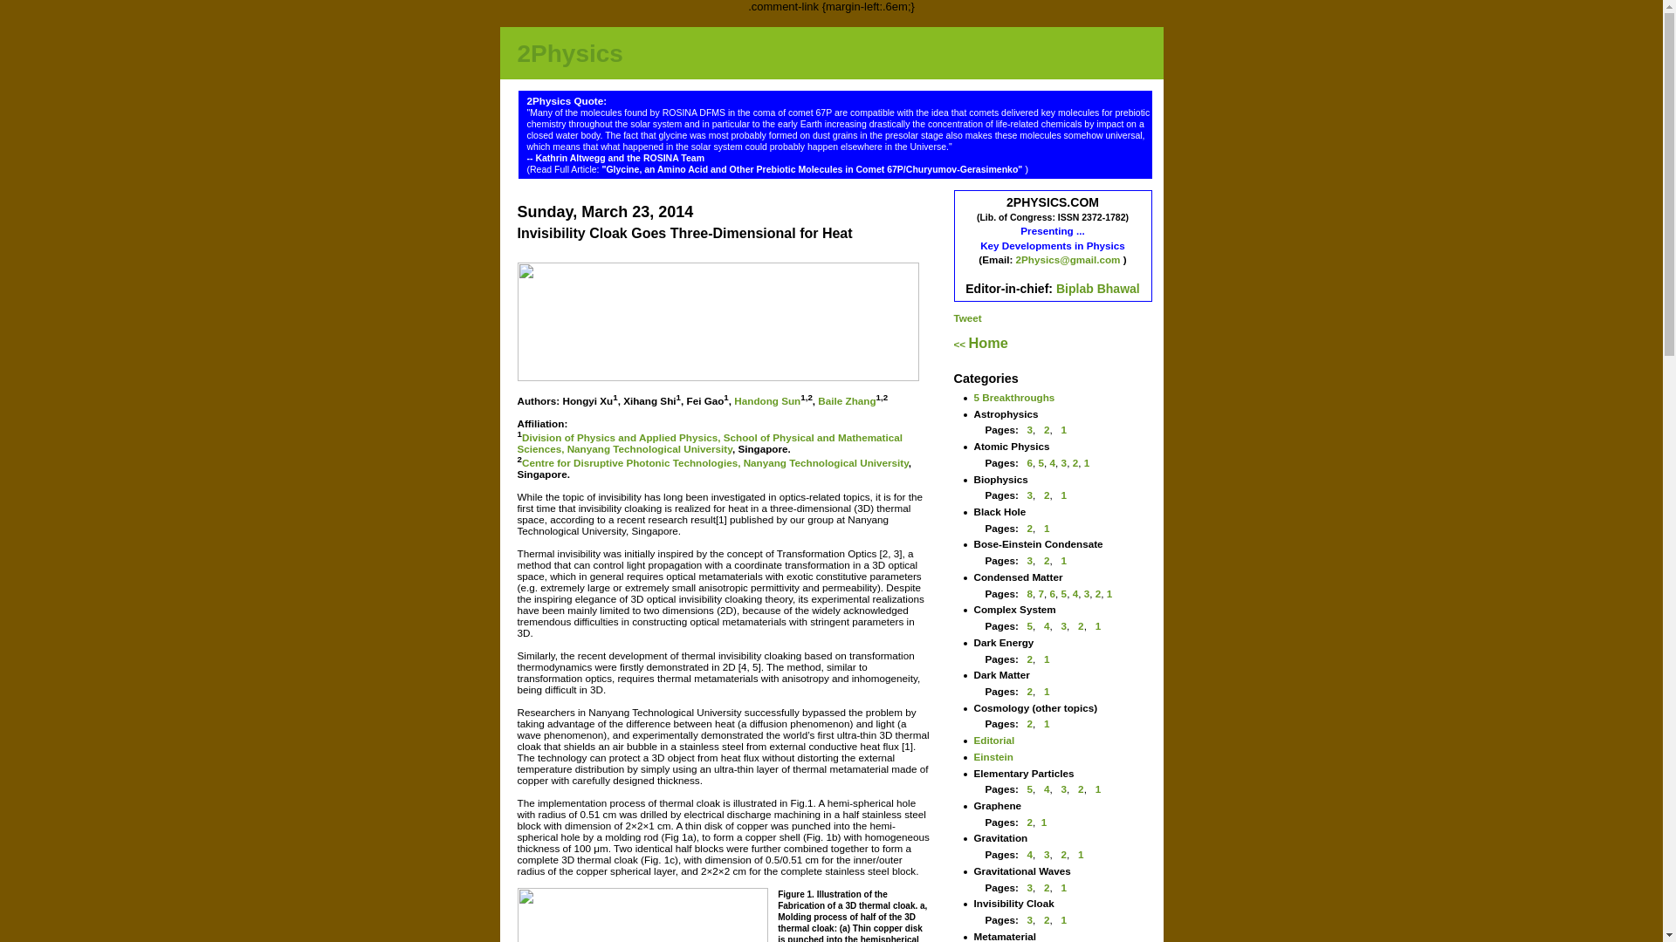  I want to click on '2', so click(1047, 429).